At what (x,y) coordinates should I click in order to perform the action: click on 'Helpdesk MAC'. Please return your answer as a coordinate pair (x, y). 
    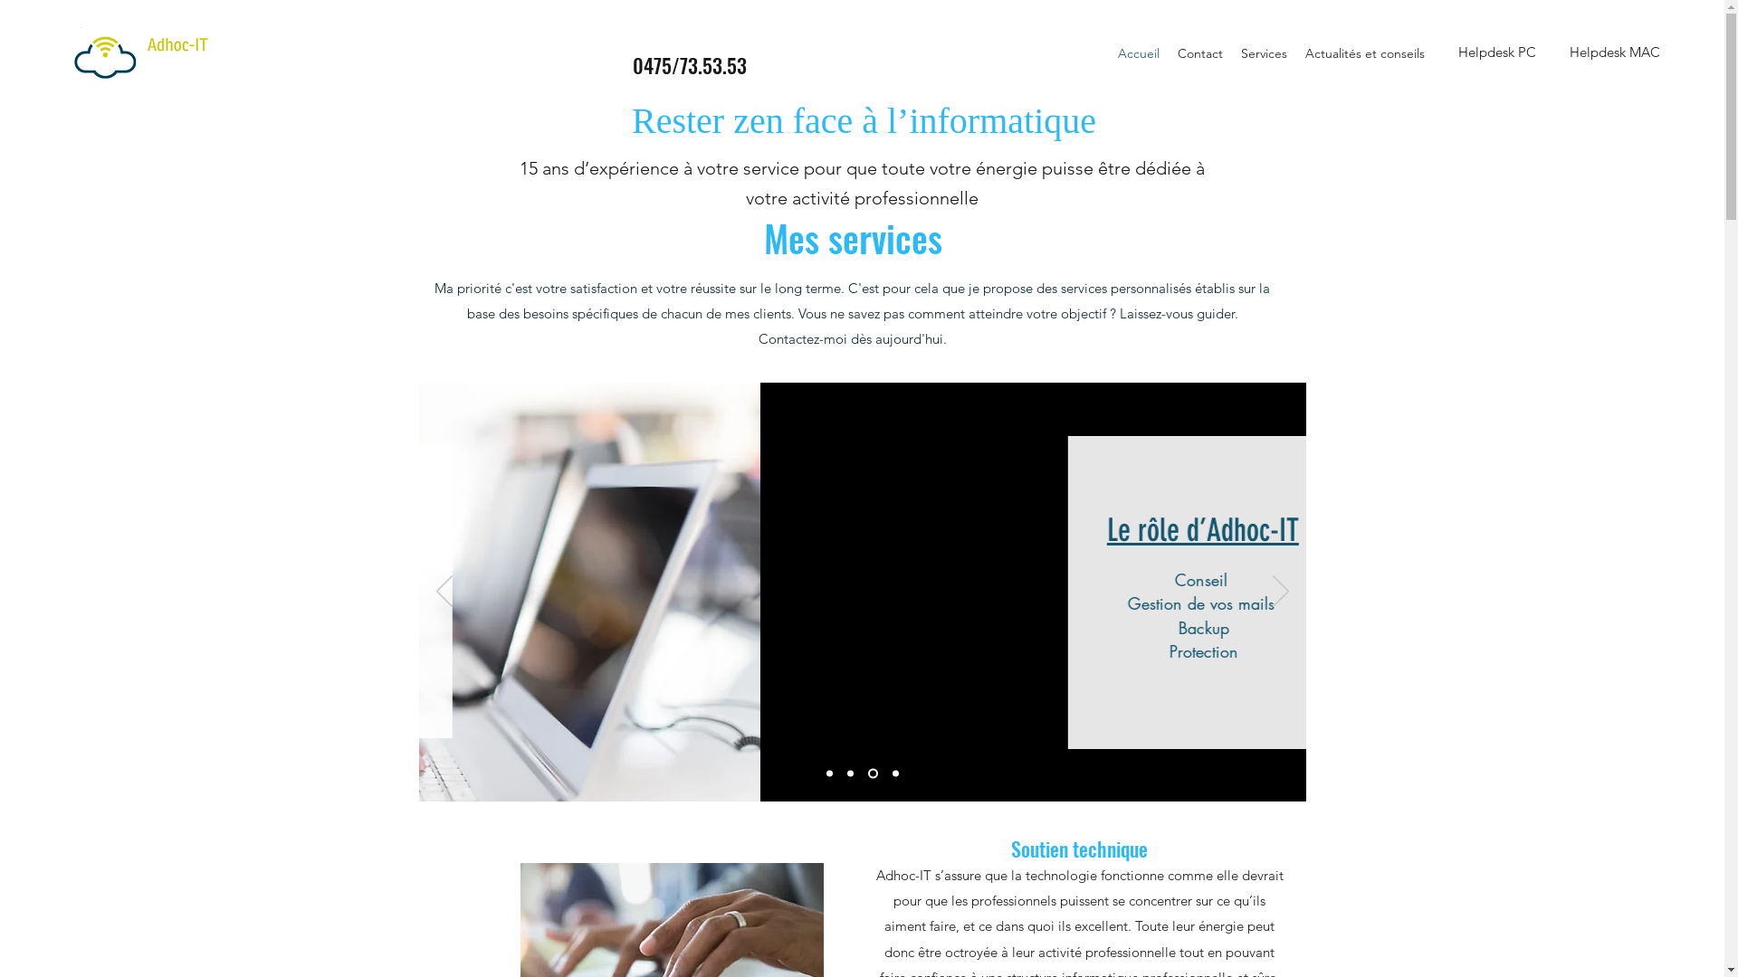
    Looking at the image, I should click on (1615, 51).